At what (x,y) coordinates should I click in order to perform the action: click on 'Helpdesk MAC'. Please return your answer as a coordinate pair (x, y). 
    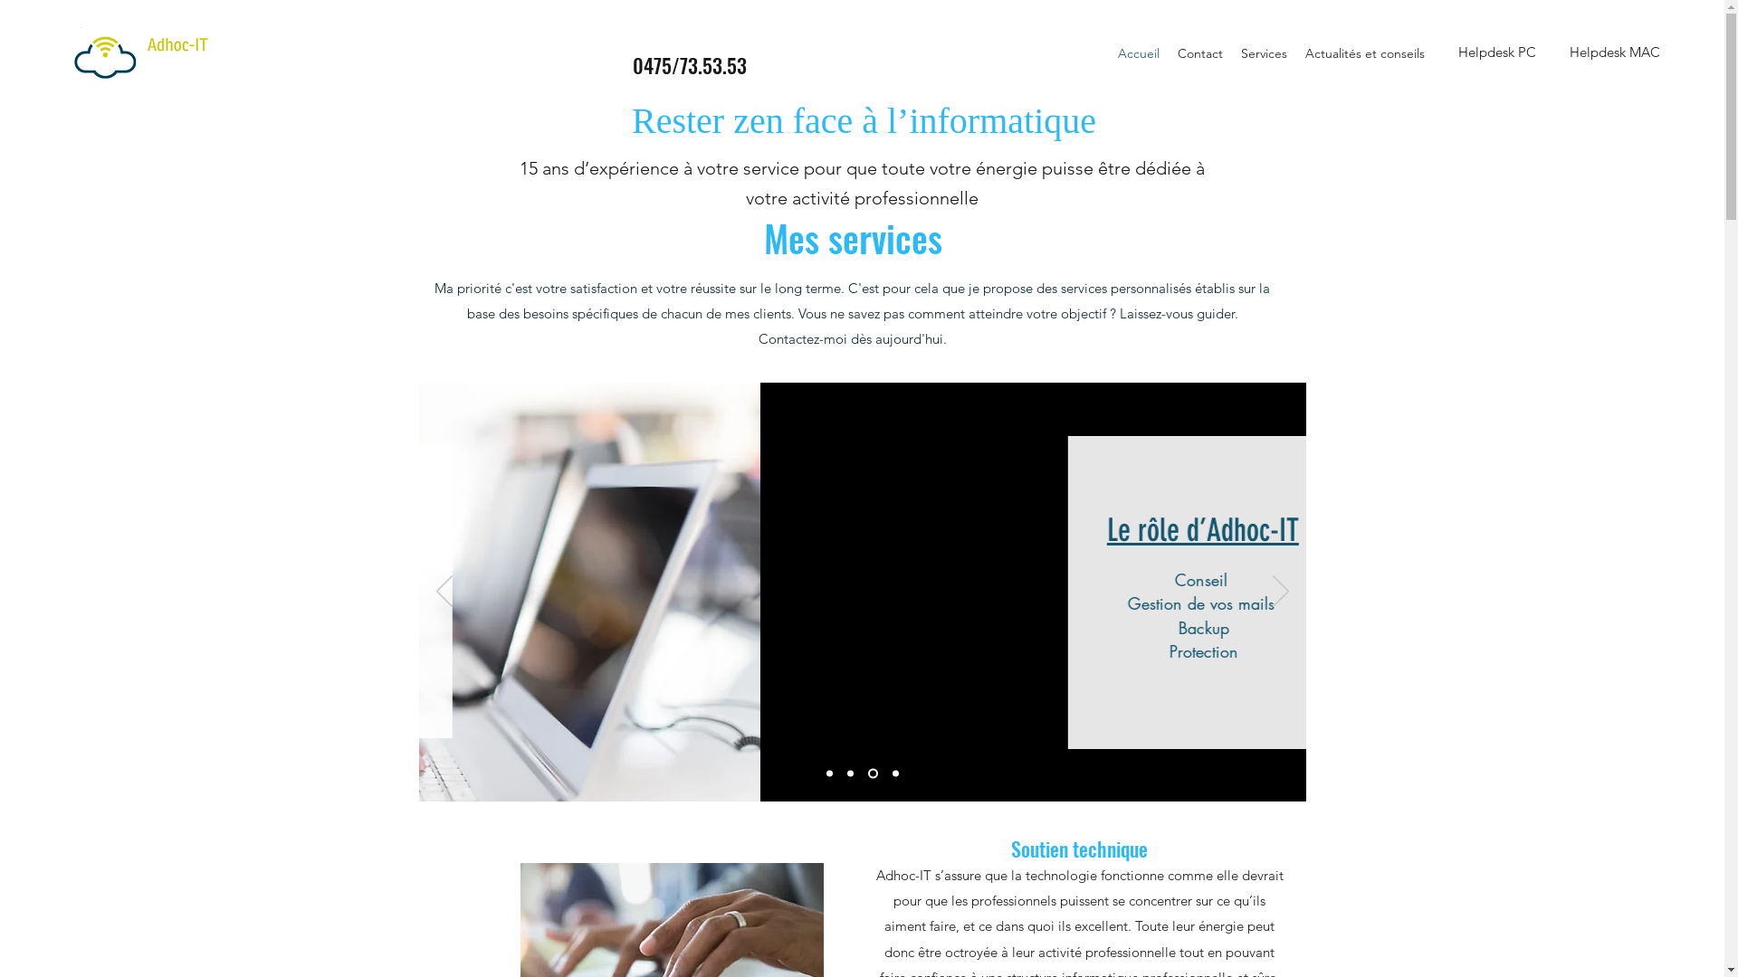
    Looking at the image, I should click on (1615, 51).